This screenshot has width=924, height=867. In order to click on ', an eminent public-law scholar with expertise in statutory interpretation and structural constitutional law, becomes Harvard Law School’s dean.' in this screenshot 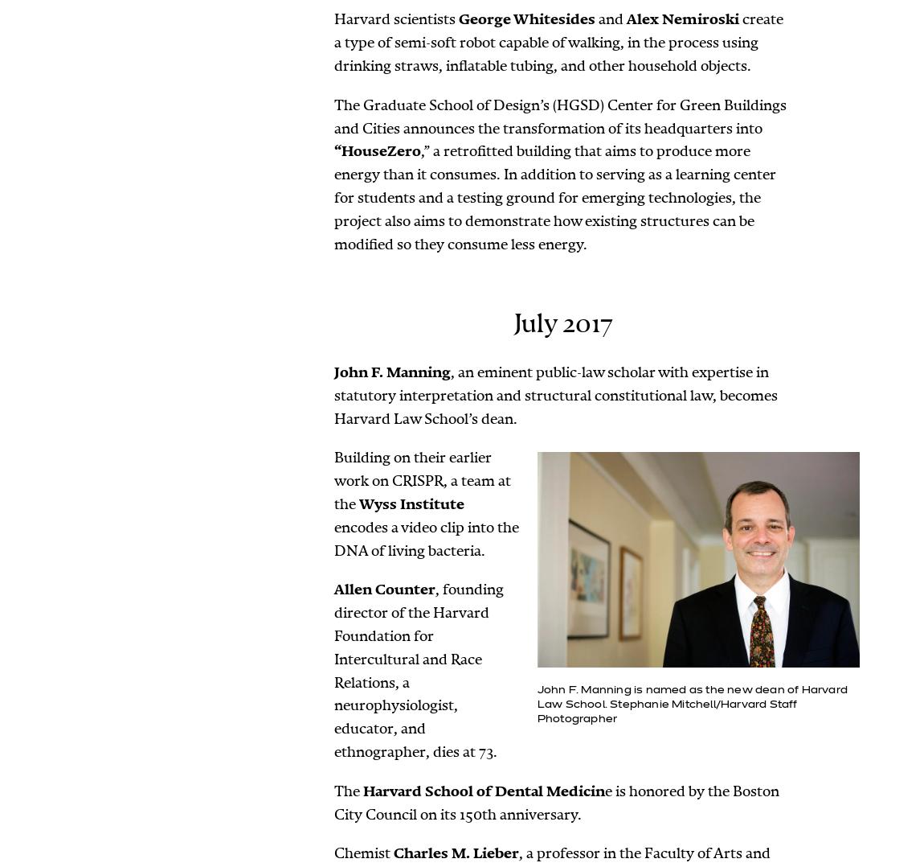, I will do `click(333, 394)`.